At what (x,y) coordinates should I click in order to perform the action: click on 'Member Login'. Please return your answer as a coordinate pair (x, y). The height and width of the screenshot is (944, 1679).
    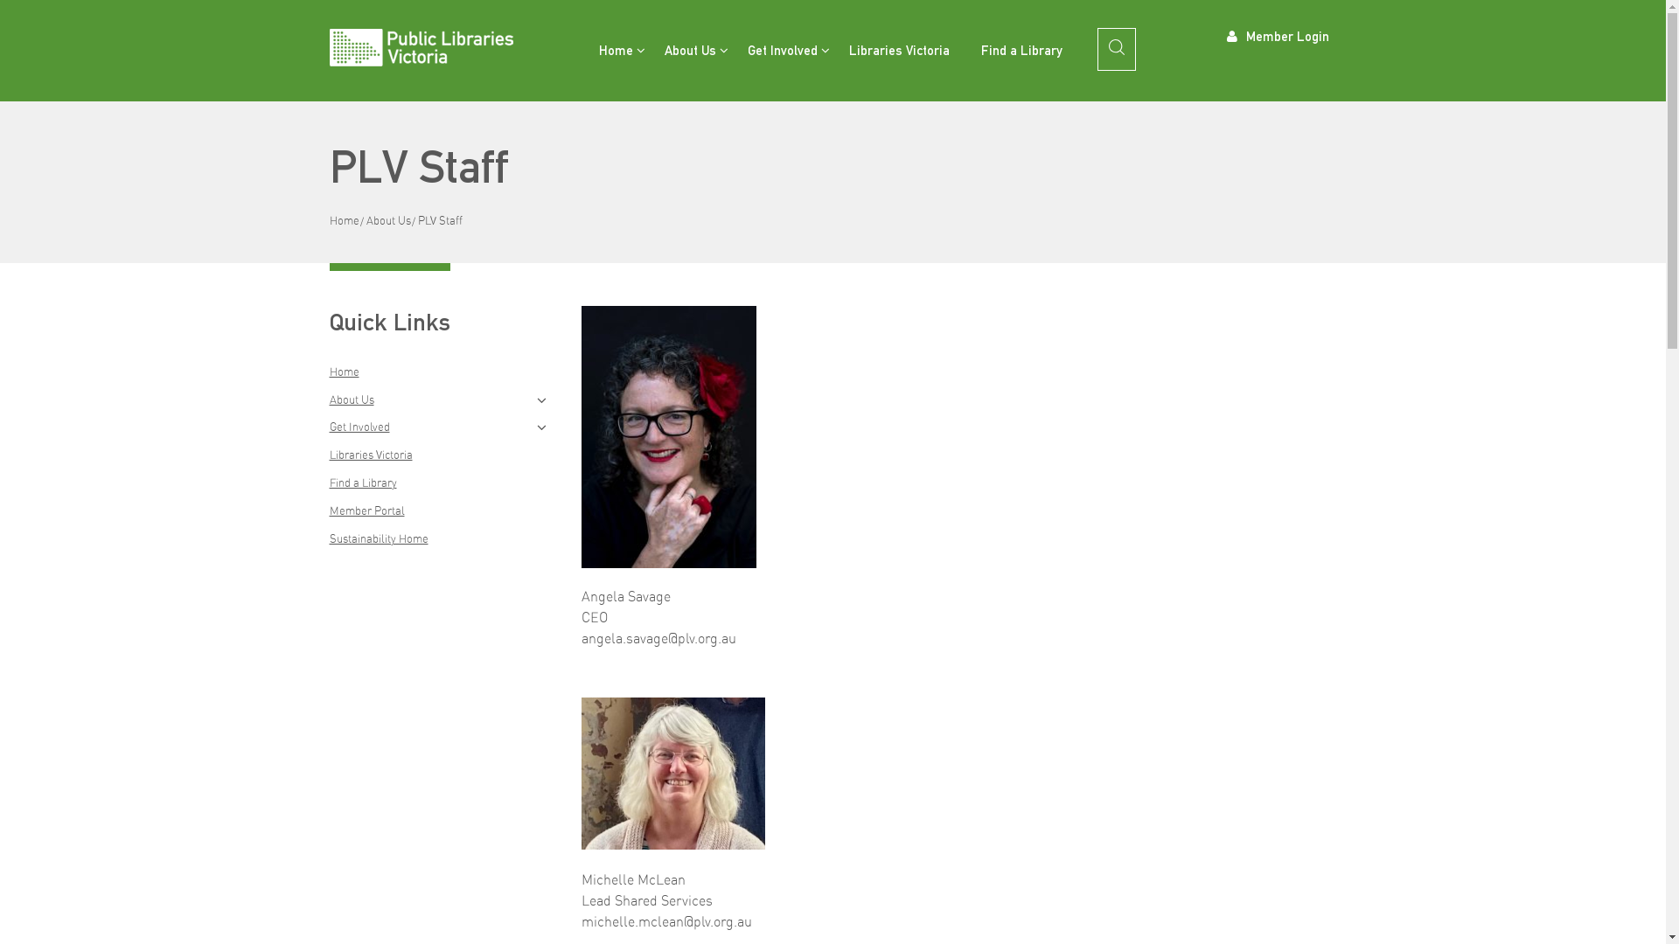
    Looking at the image, I should click on (1278, 34).